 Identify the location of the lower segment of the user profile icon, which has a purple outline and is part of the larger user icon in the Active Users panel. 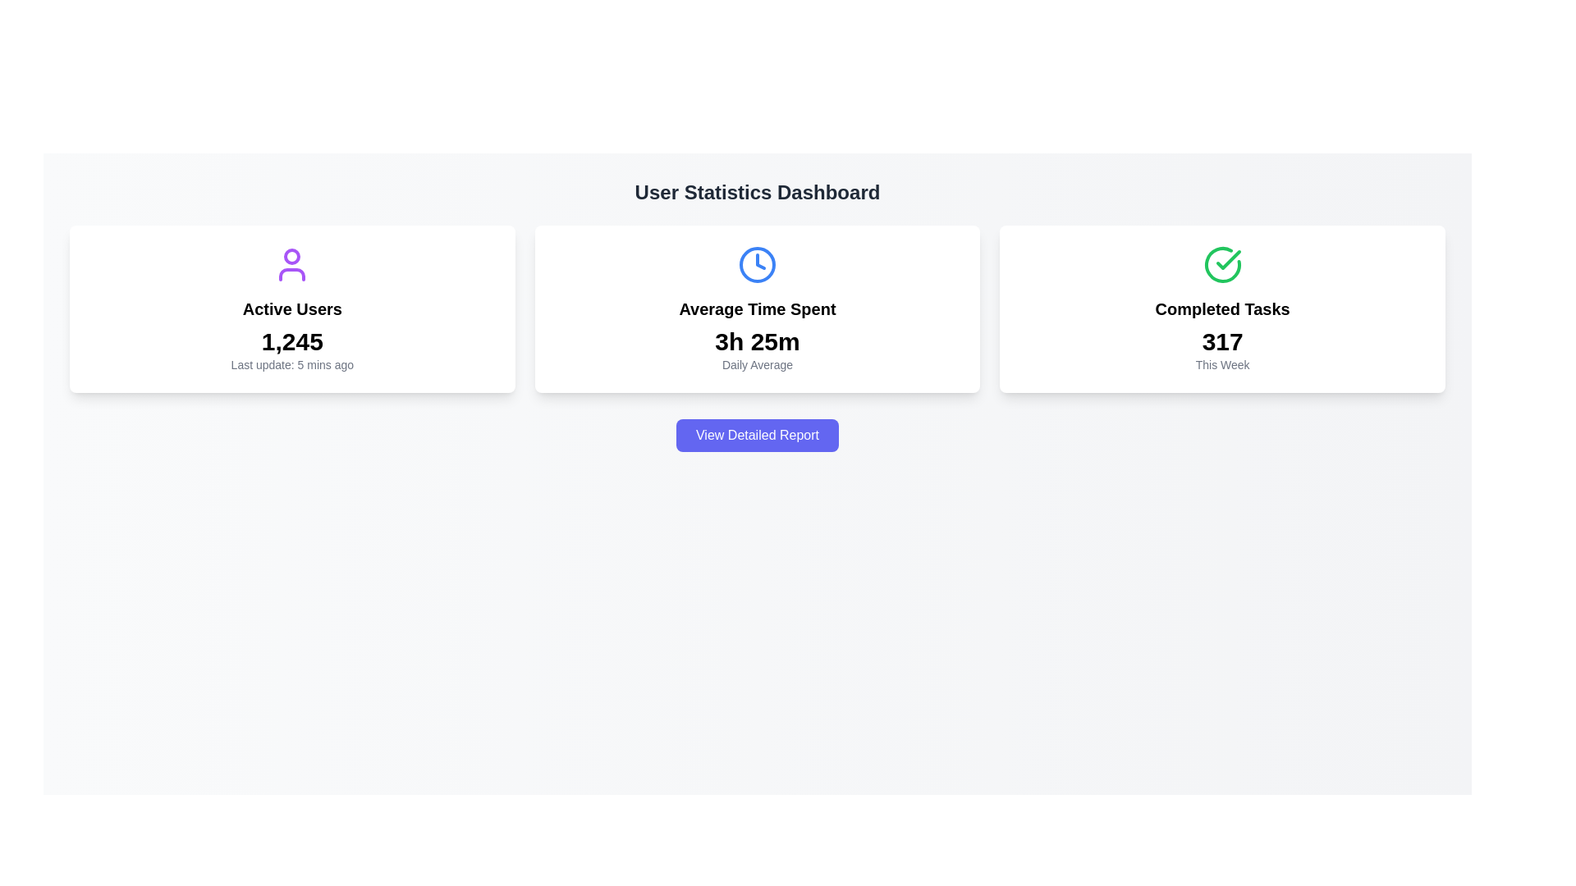
(292, 274).